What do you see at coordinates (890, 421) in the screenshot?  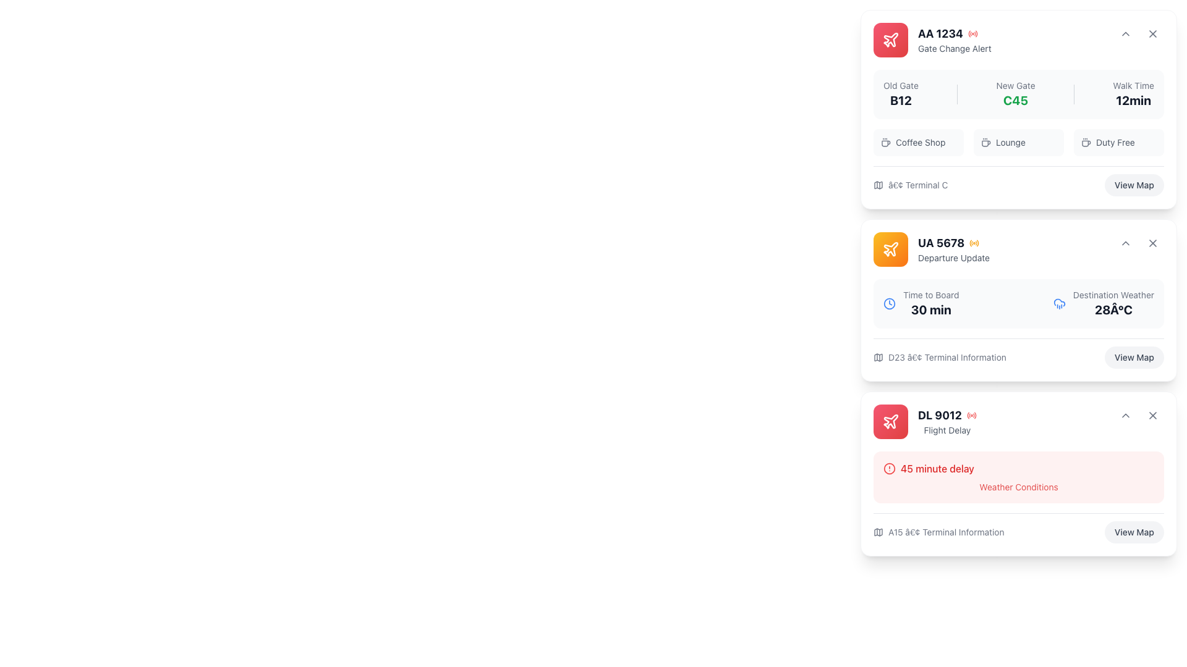 I see `the icon representing flights or airplanes, which is centrally located within the red gradient rounded background on the left corner of the list card labeled 'DL 9012'` at bounding box center [890, 421].